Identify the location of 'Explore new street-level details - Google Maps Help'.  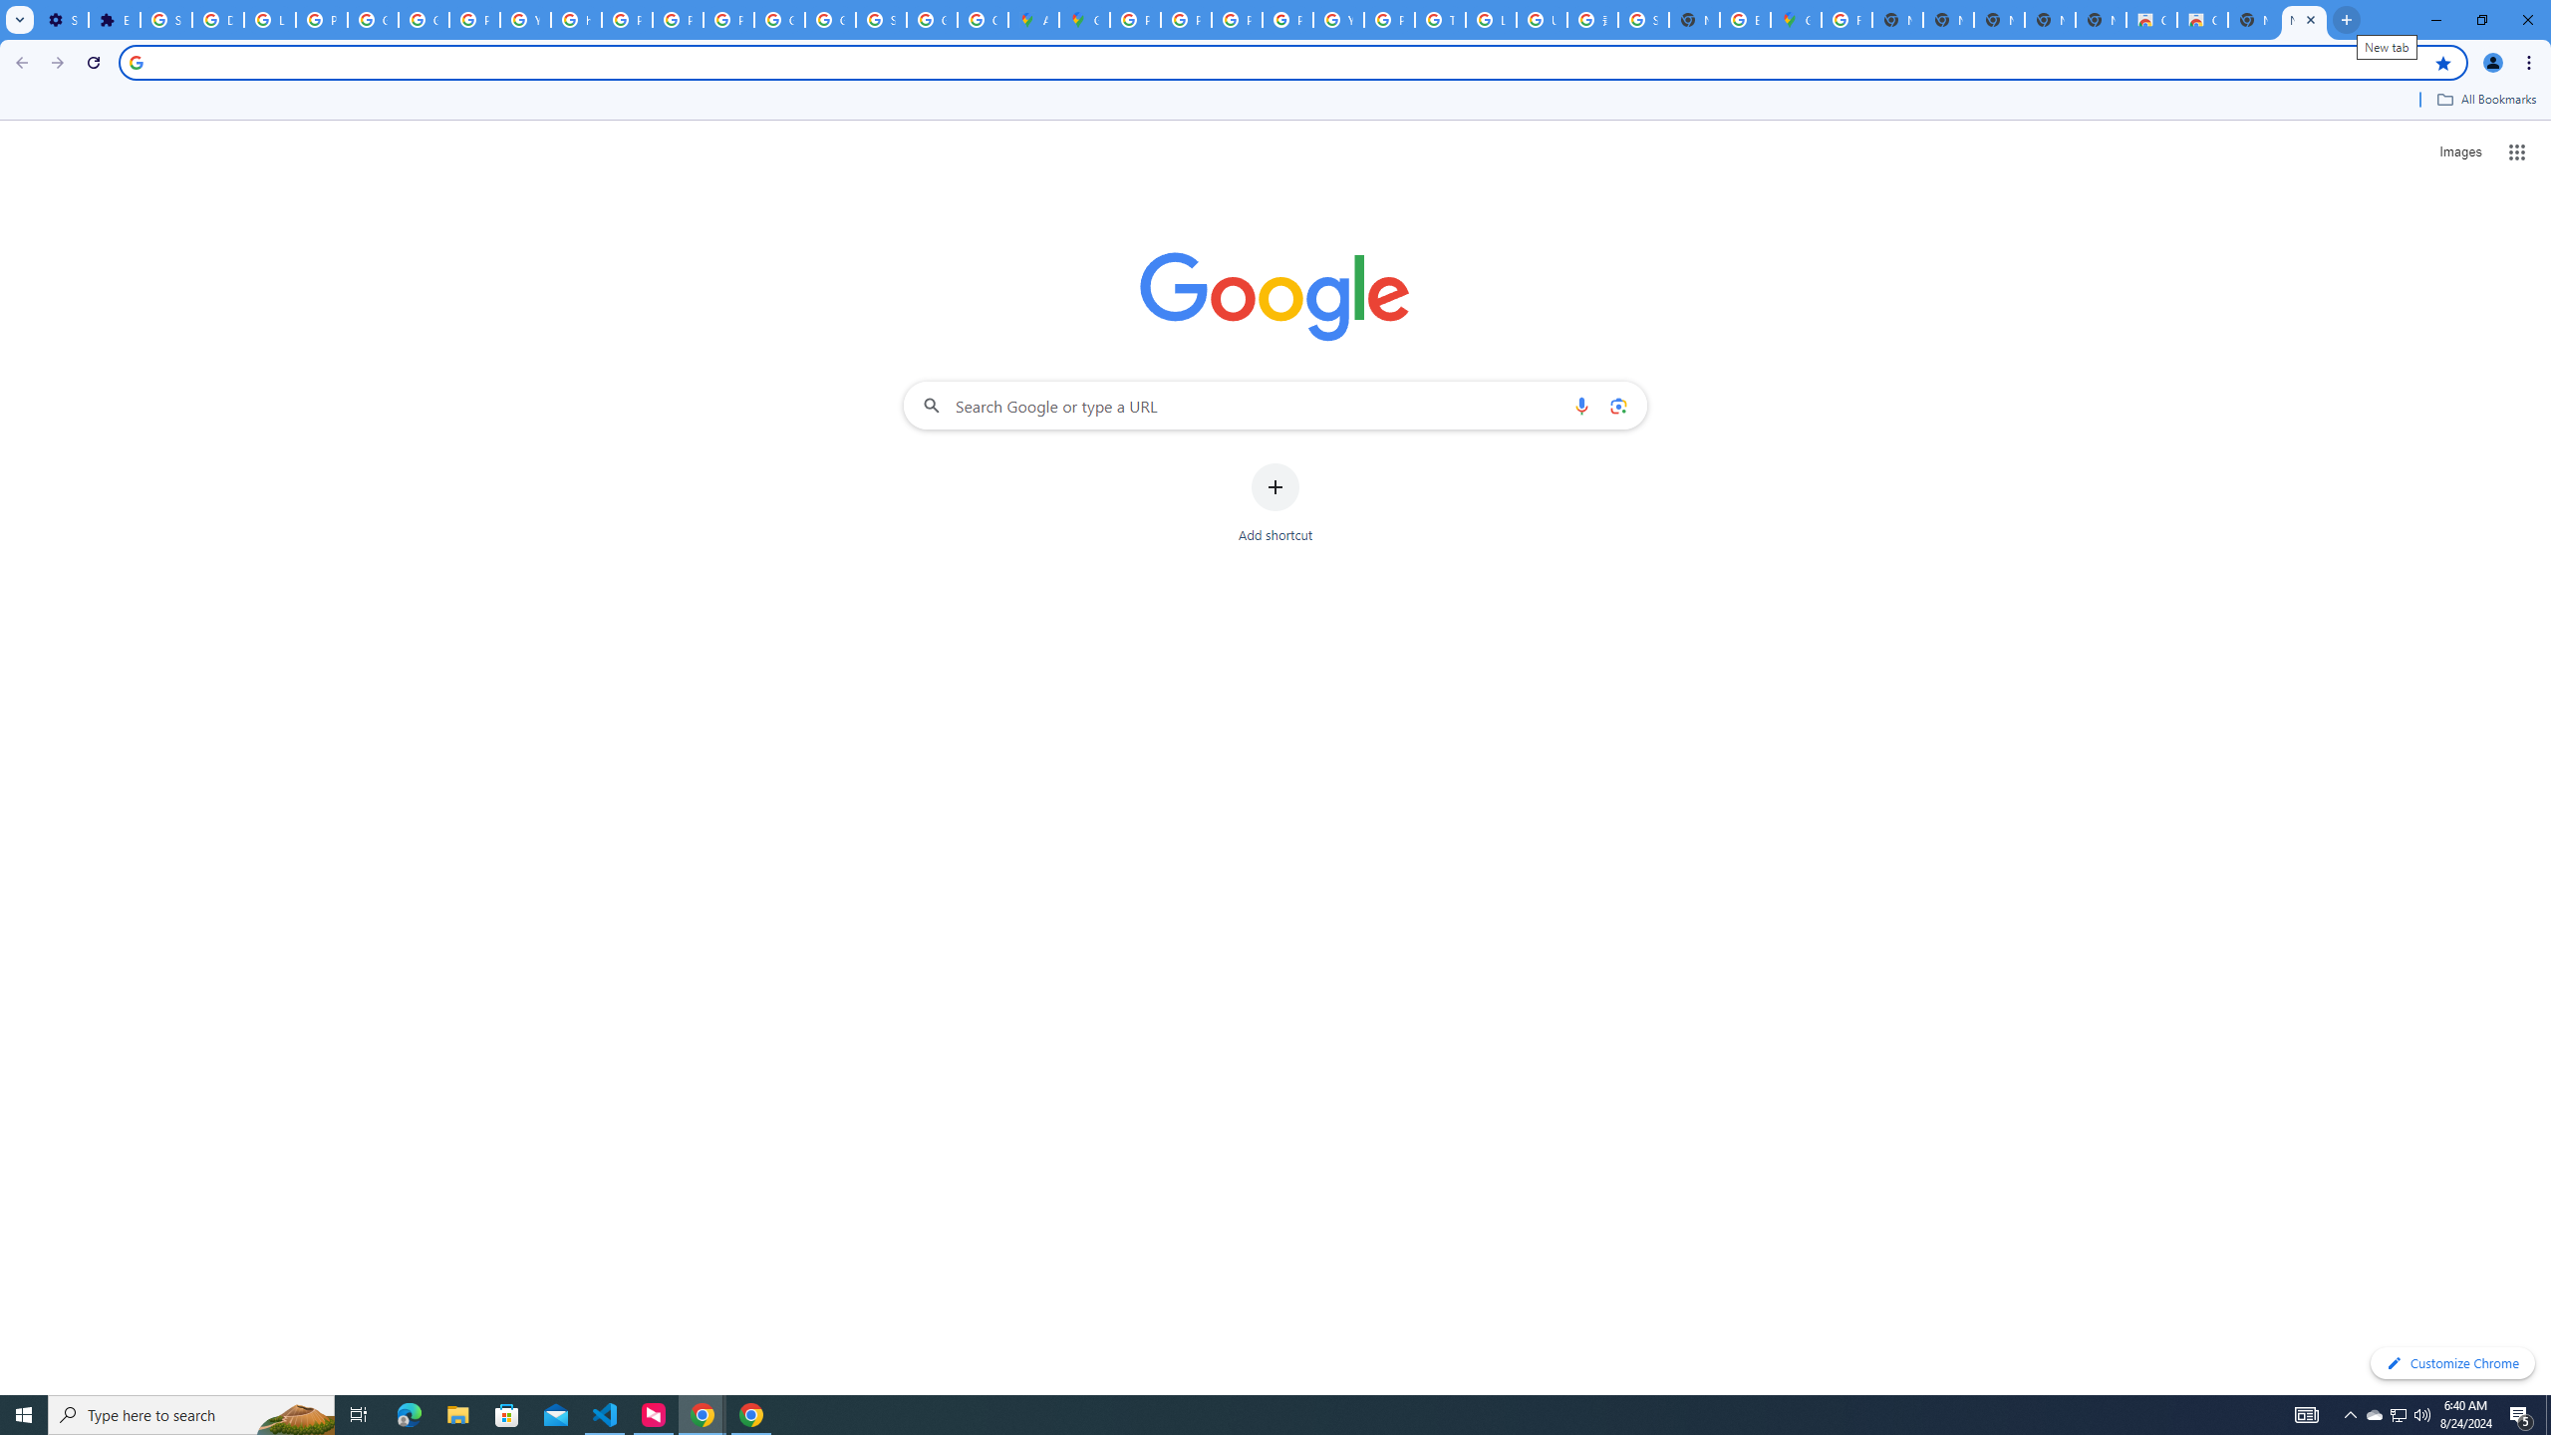
(1746, 19).